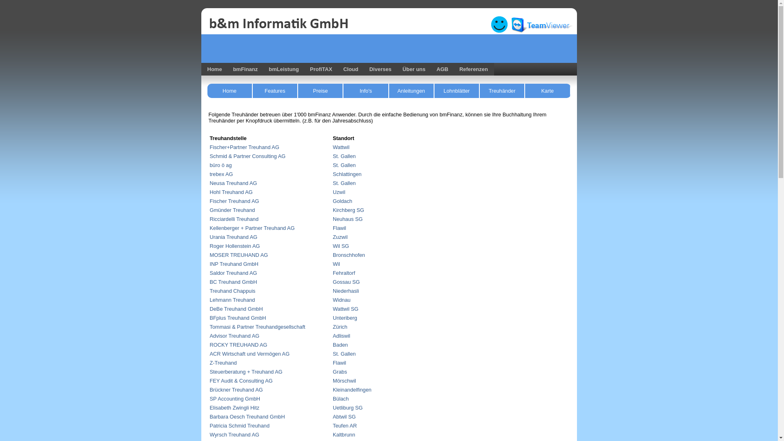 The image size is (784, 441). I want to click on 'Preise', so click(320, 91).